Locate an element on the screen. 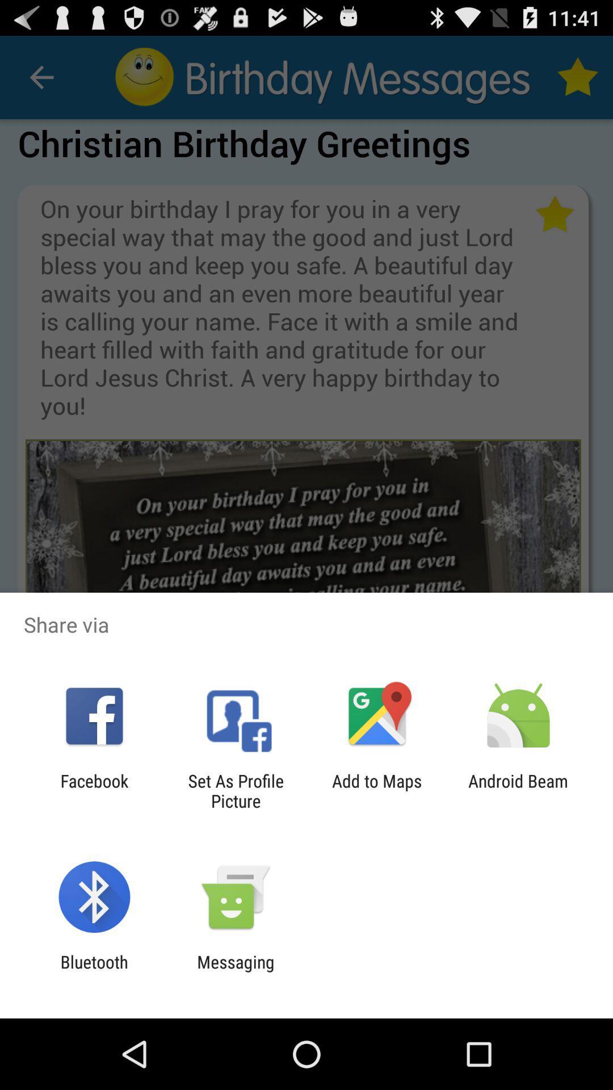  bluetooth is located at coordinates (94, 971).